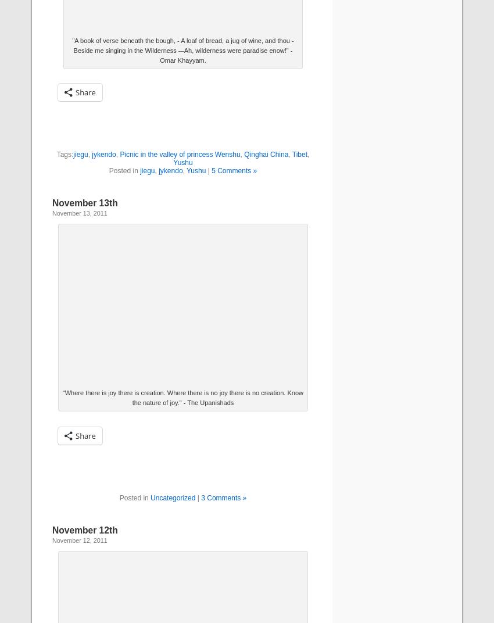  What do you see at coordinates (234, 169) in the screenshot?
I see `'5 Comments »'` at bounding box center [234, 169].